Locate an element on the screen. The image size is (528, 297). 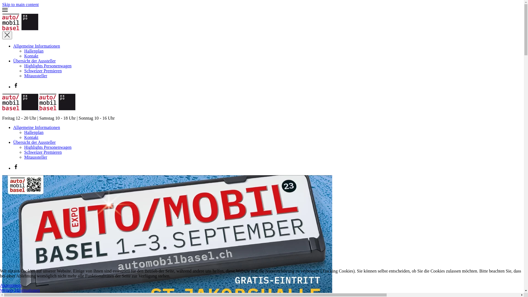
'Highlights Personenwagen' is located at coordinates (48, 147).